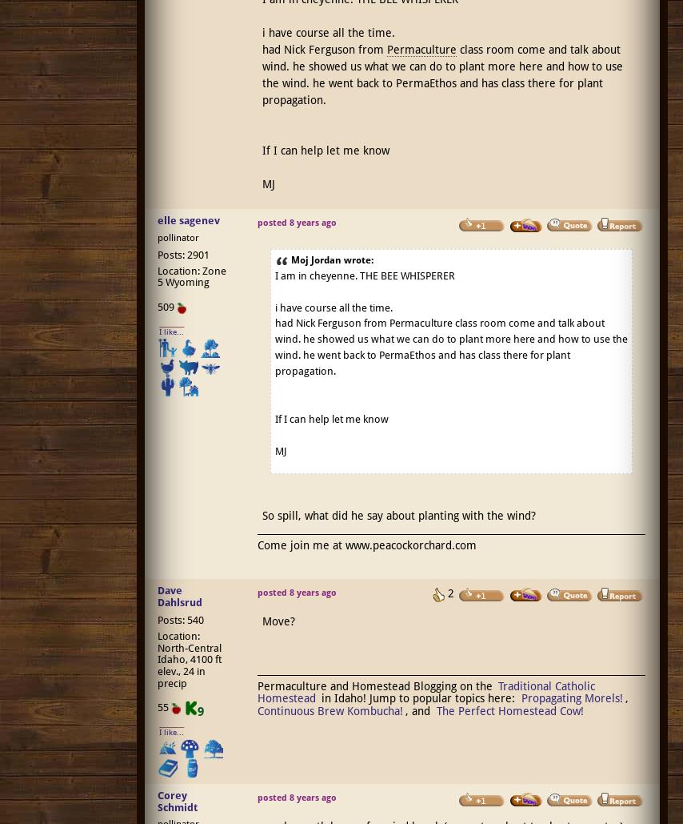 This screenshot has width=683, height=824. What do you see at coordinates (449, 593) in the screenshot?
I see `'2'` at bounding box center [449, 593].